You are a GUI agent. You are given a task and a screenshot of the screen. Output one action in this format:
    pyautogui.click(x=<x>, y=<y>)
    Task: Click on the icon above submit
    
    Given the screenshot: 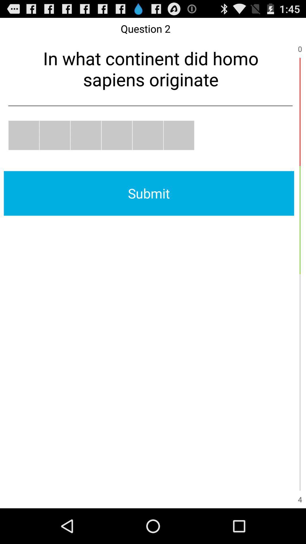 What is the action you would take?
    pyautogui.click(x=179, y=135)
    